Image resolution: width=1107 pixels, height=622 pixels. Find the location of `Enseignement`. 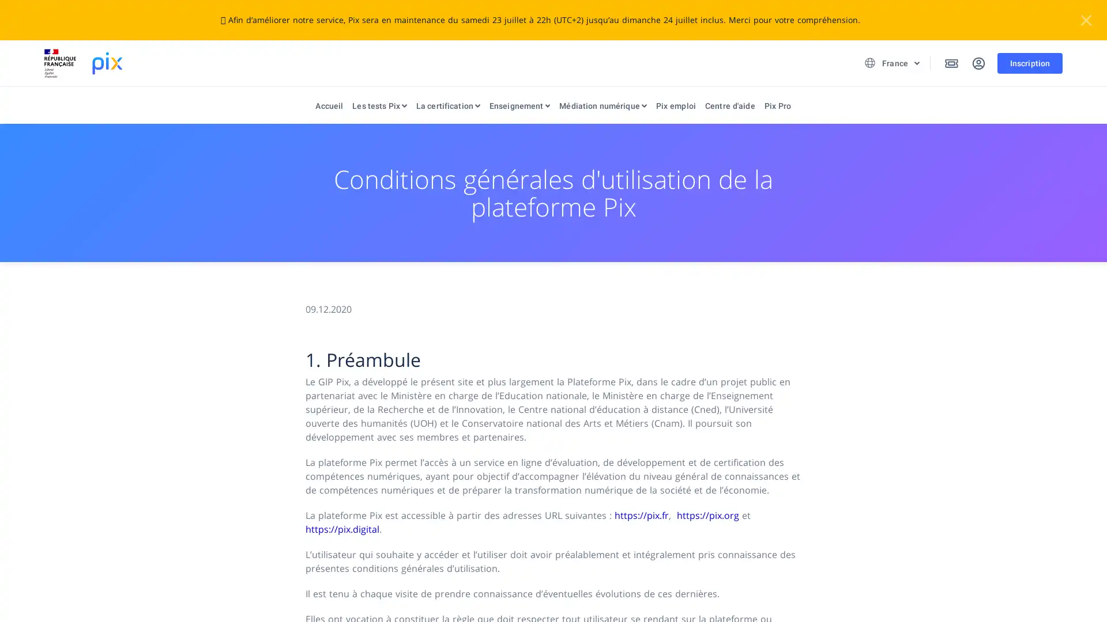

Enseignement is located at coordinates (519, 108).